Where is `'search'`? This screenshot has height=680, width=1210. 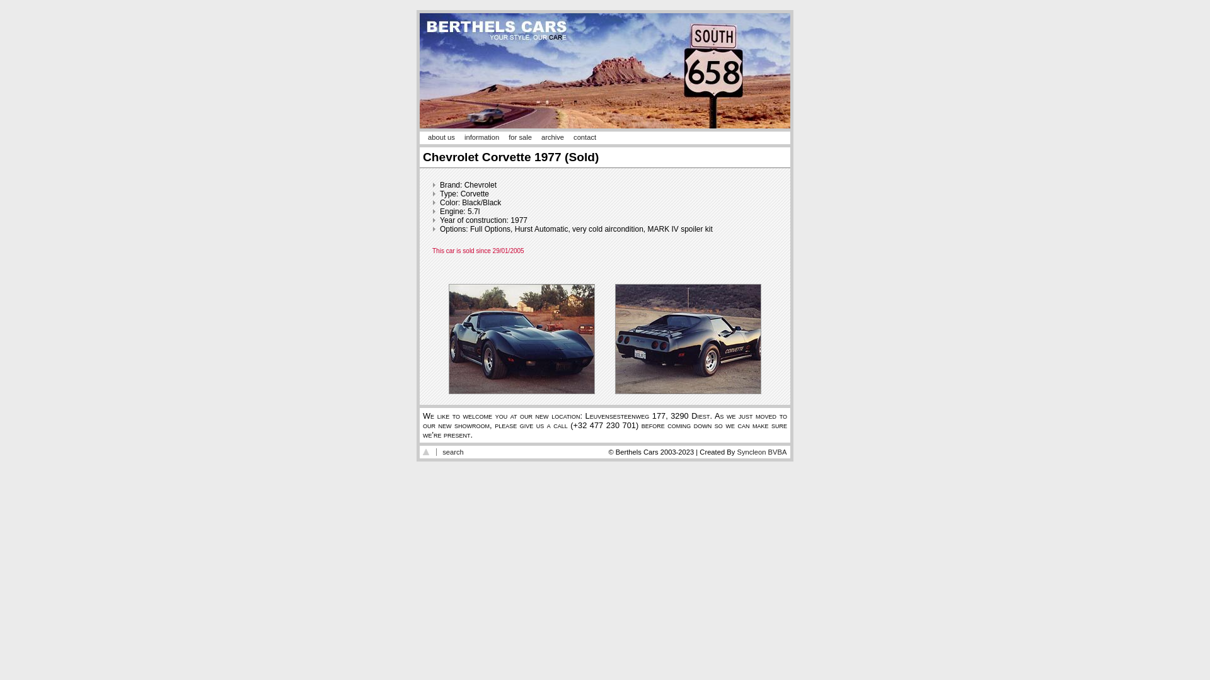
'search' is located at coordinates (453, 451).